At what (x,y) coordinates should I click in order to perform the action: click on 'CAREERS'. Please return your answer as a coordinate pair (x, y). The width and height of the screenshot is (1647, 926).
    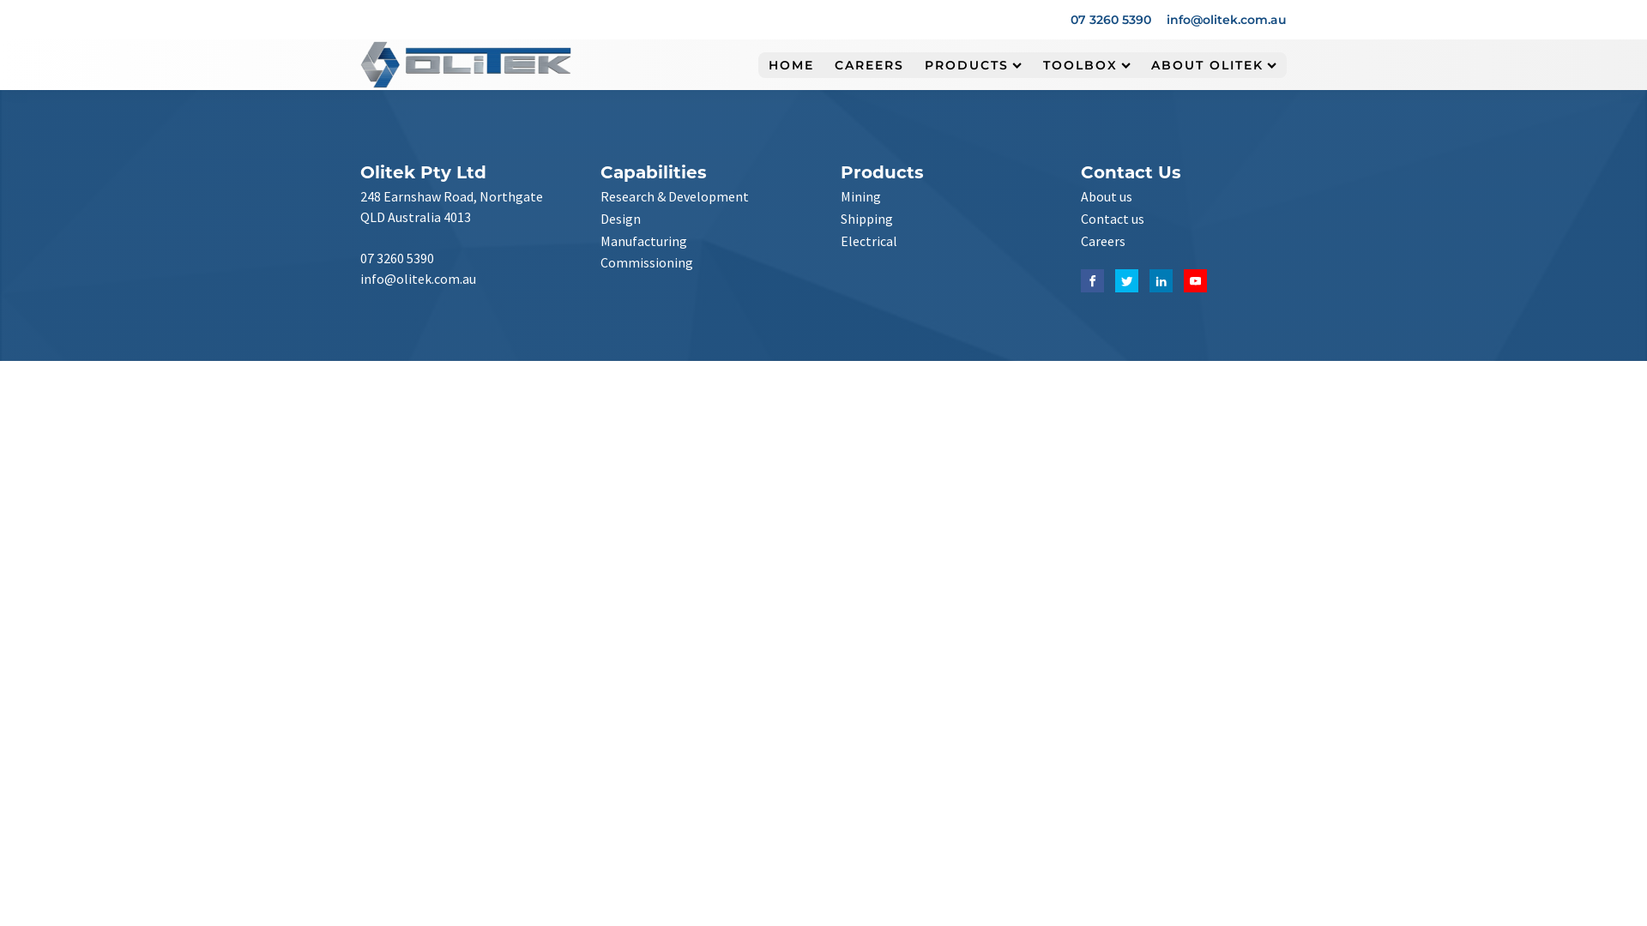
    Looking at the image, I should click on (869, 64).